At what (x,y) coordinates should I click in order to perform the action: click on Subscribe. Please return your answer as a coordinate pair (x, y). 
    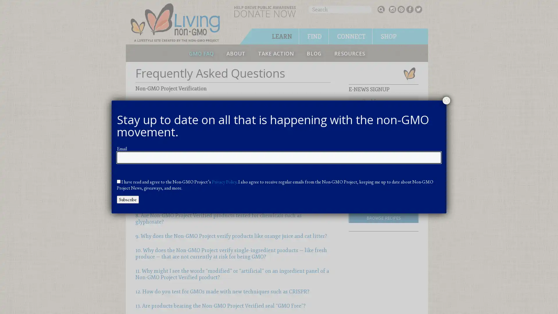
    Looking at the image, I should click on (128, 199).